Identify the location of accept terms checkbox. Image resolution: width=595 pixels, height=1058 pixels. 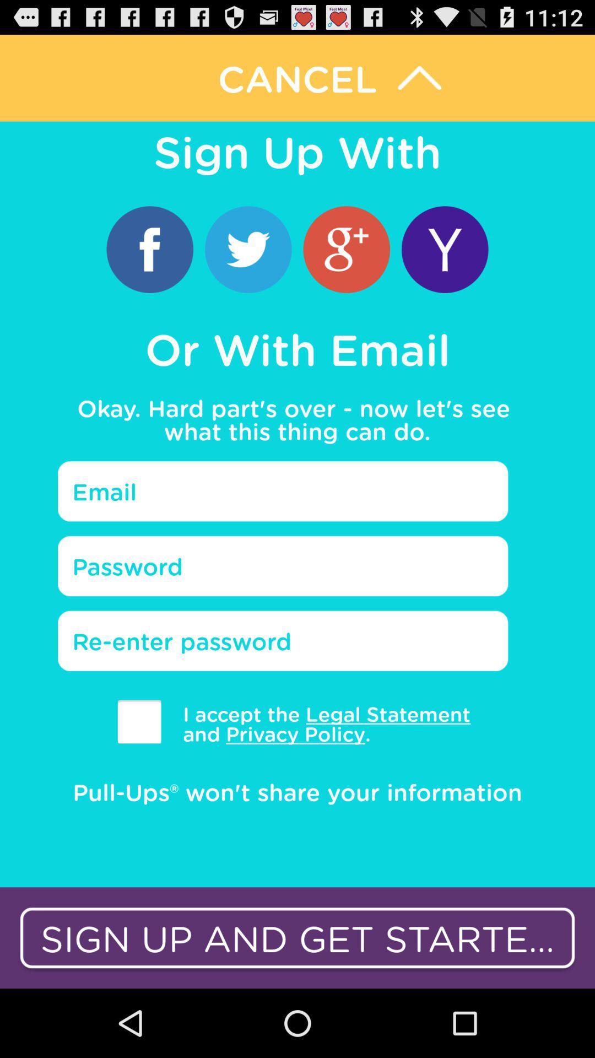
(139, 721).